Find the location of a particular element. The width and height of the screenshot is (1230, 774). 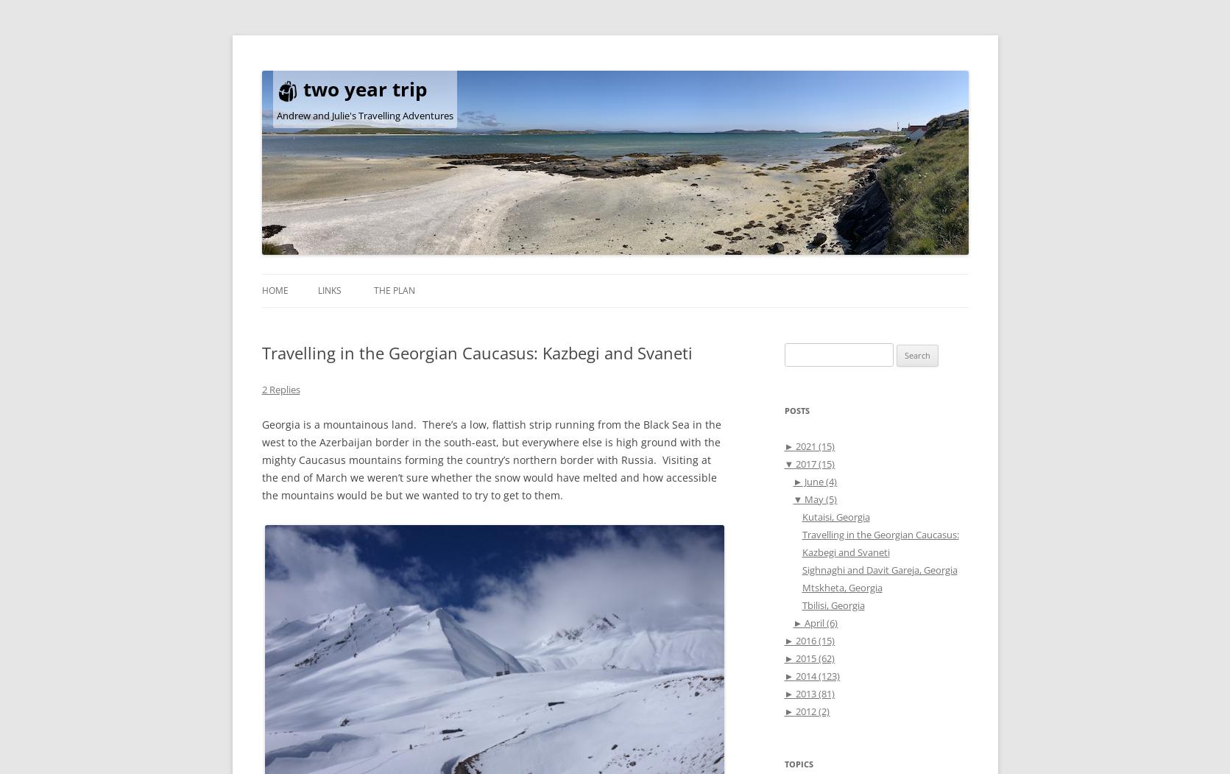

'2012 (2)' is located at coordinates (810, 710).